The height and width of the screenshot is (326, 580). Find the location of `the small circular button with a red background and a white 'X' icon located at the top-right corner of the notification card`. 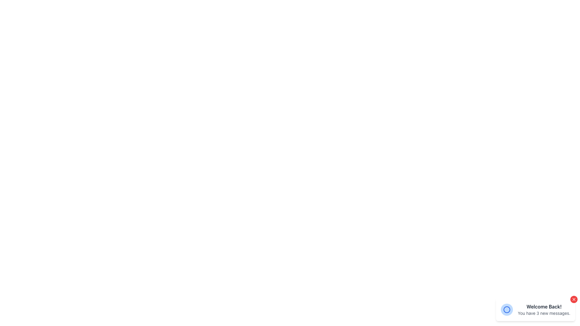

the small circular button with a red background and a white 'X' icon located at the top-right corner of the notification card is located at coordinates (574, 299).